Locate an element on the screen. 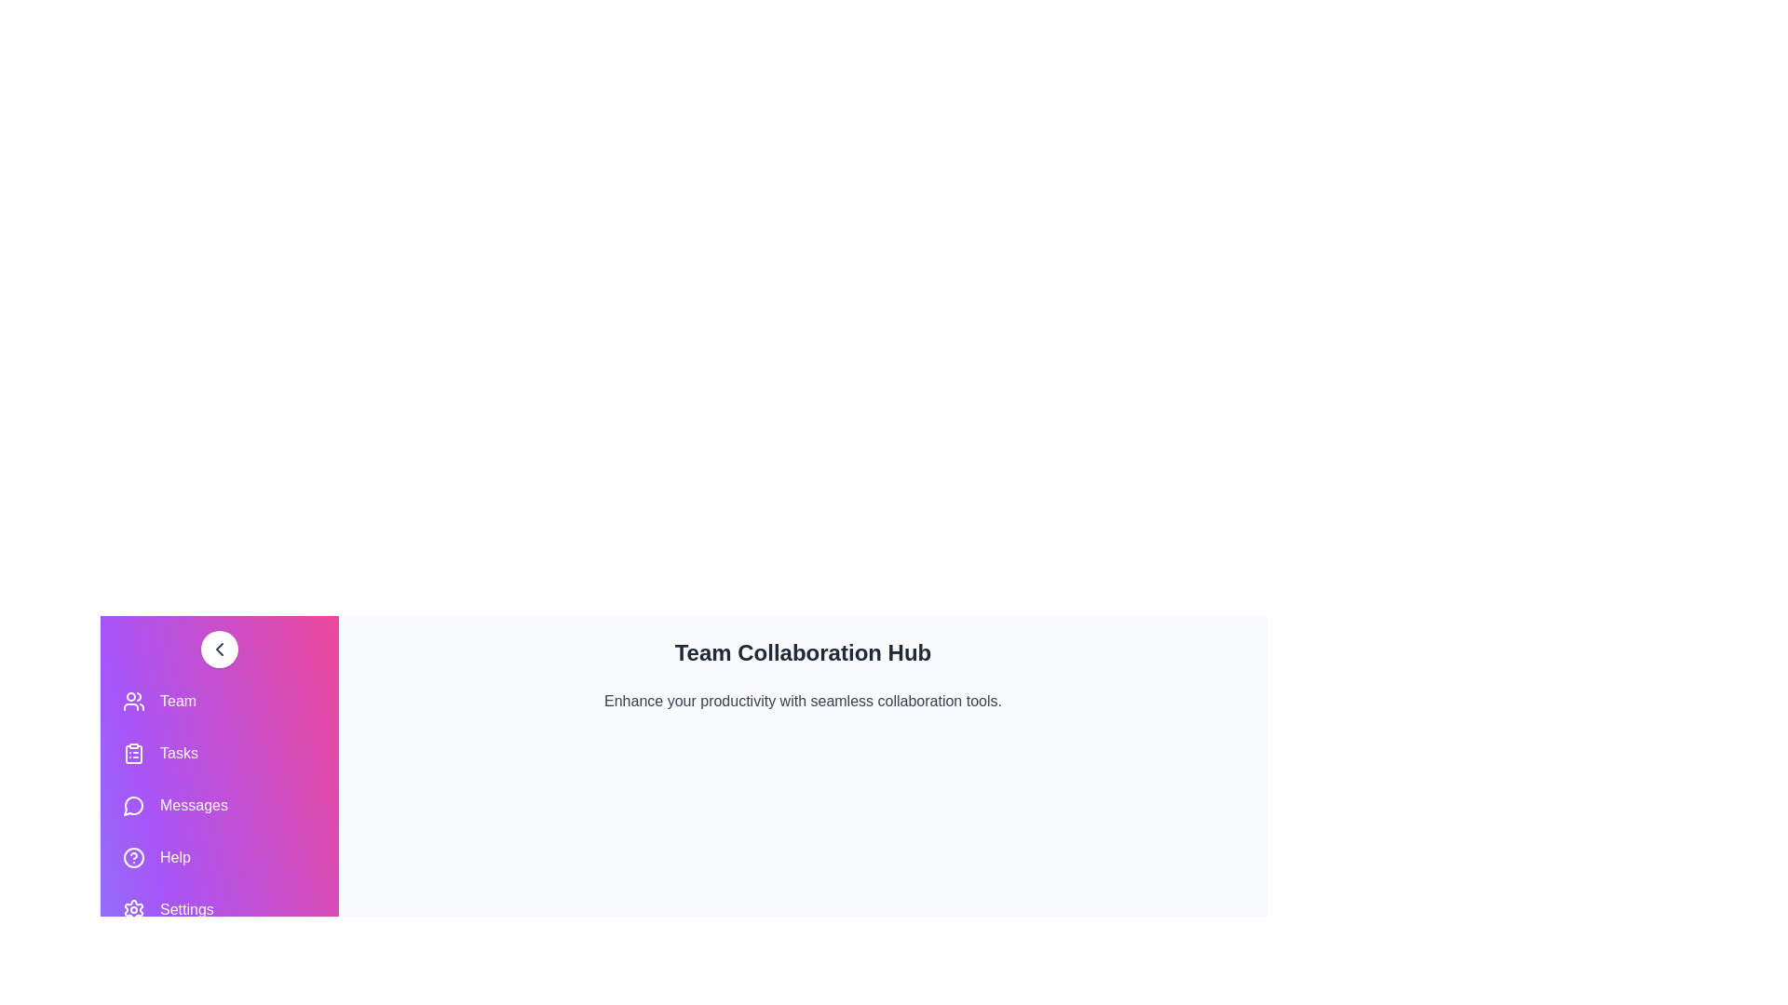  the arrow button to toggle the drawer is located at coordinates (219, 649).